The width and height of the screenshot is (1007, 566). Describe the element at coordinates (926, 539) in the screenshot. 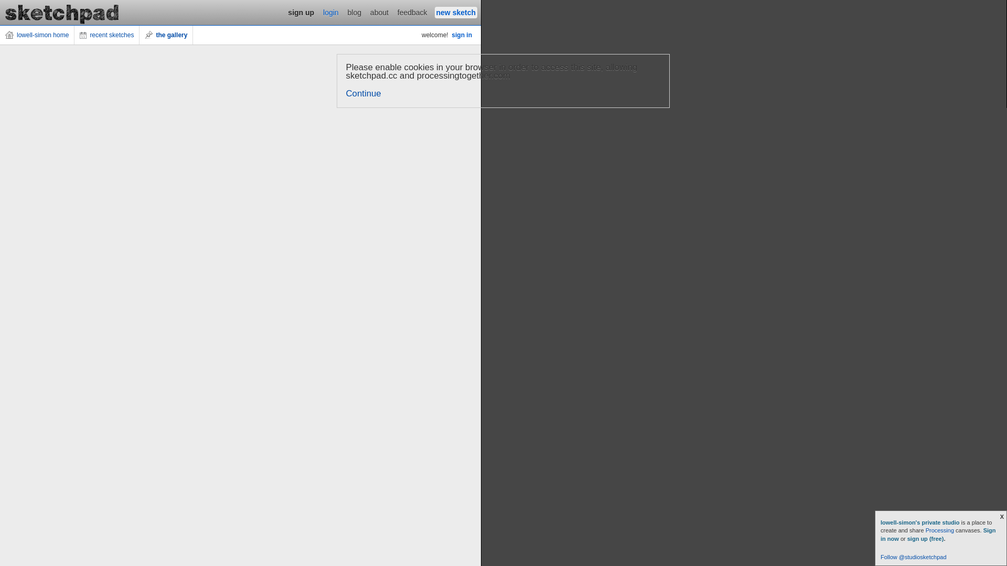

I see `'sign up (free)'` at that location.